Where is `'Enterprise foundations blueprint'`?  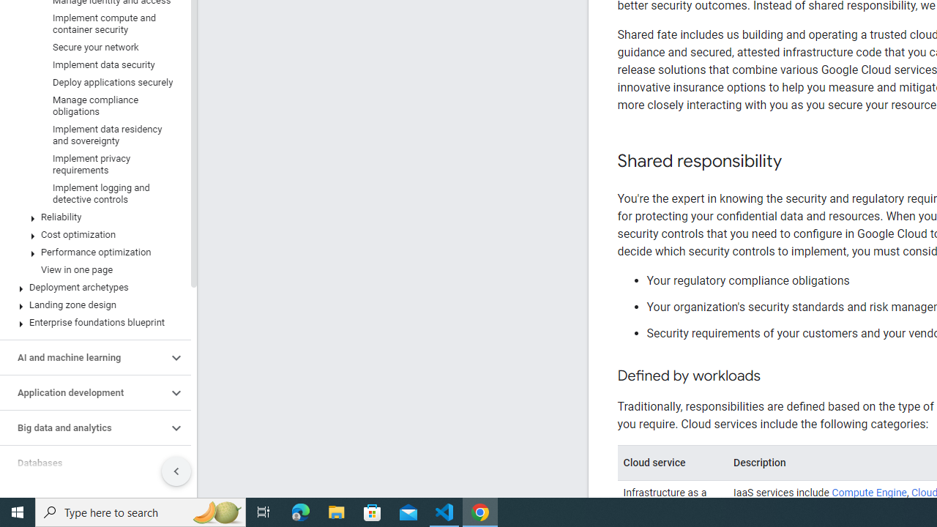 'Enterprise foundations blueprint' is located at coordinates (92, 322).